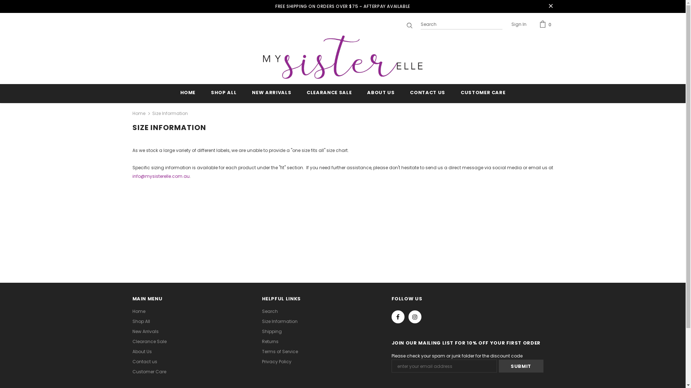  Describe the element at coordinates (483, 93) in the screenshot. I see `'CUSTOMER CARE'` at that location.